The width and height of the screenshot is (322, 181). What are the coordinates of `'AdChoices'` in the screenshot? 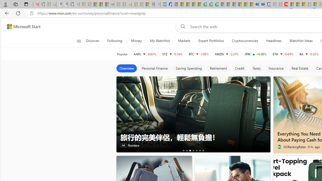 It's located at (266, 79).